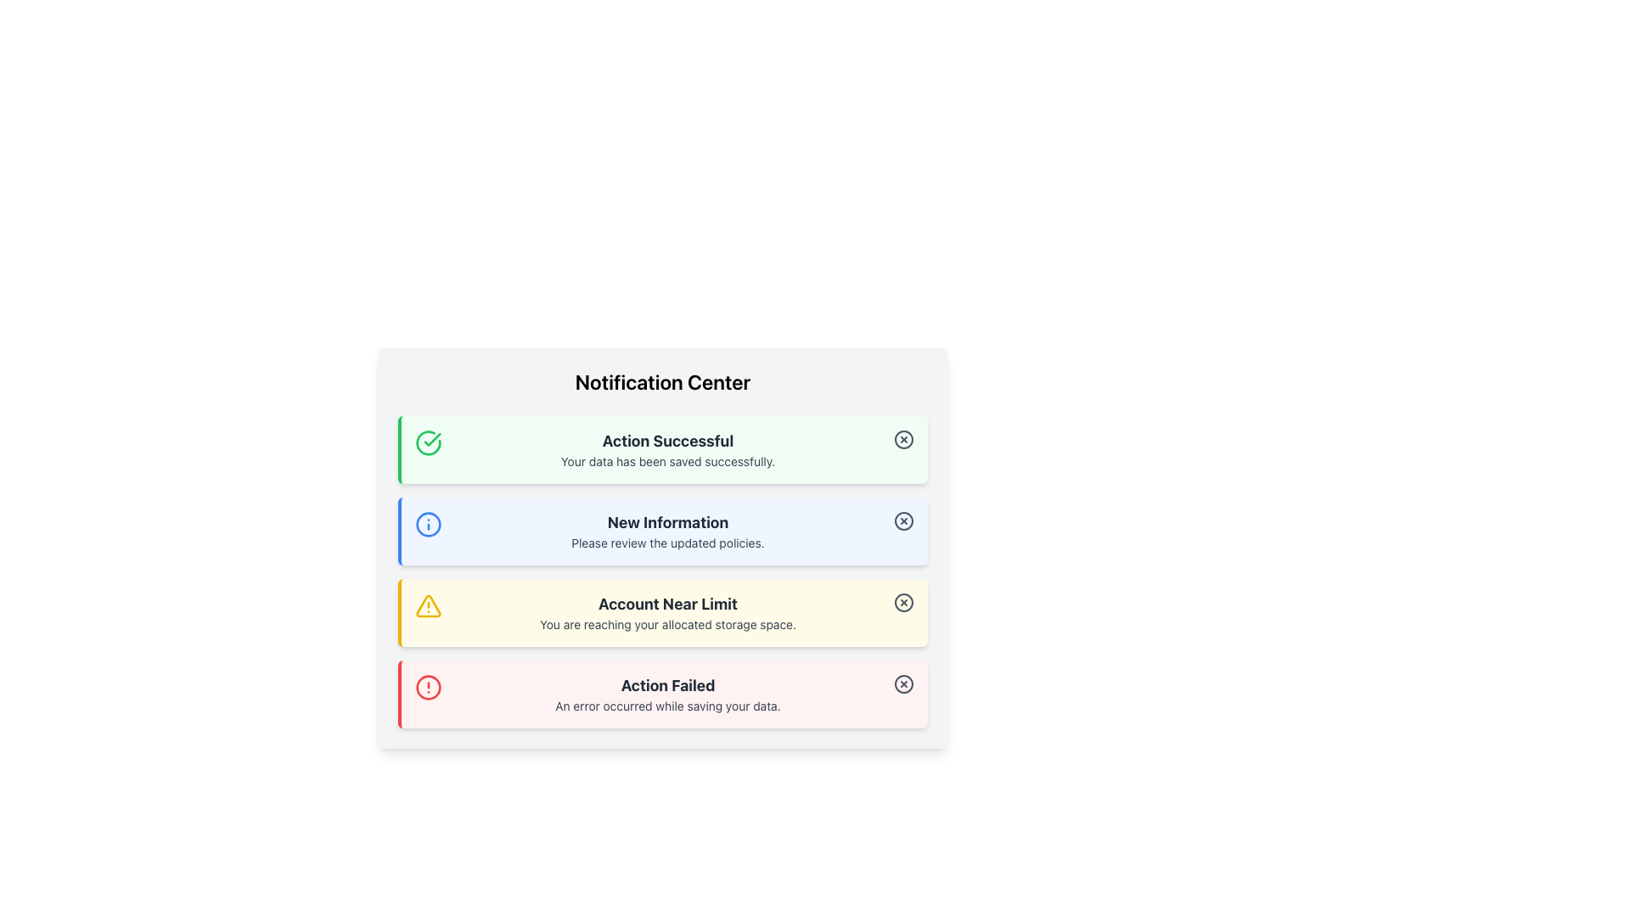 The image size is (1630, 917). Describe the element at coordinates (667, 543) in the screenshot. I see `the static text displaying 'Please review the updated policies.' located within the notification card labeled 'New Information.'` at that location.